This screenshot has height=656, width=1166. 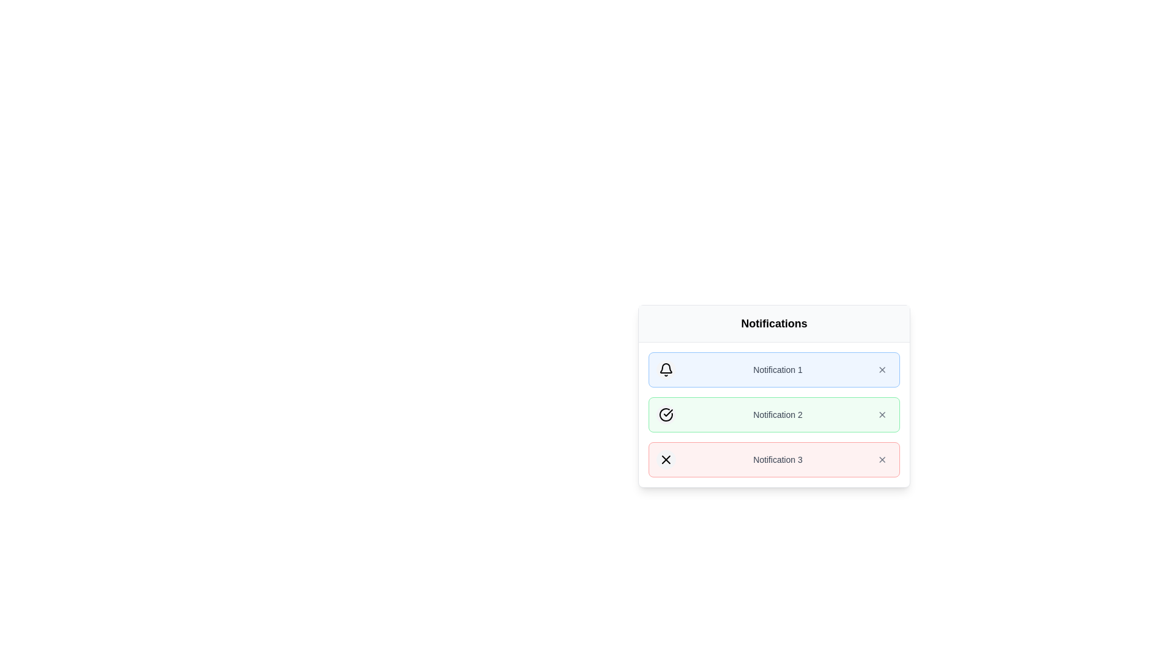 I want to click on the notification panel located near the center of the interface, directly below the 'Notifications' header, which displays a list of three notifications with their respective icons, so click(x=774, y=414).